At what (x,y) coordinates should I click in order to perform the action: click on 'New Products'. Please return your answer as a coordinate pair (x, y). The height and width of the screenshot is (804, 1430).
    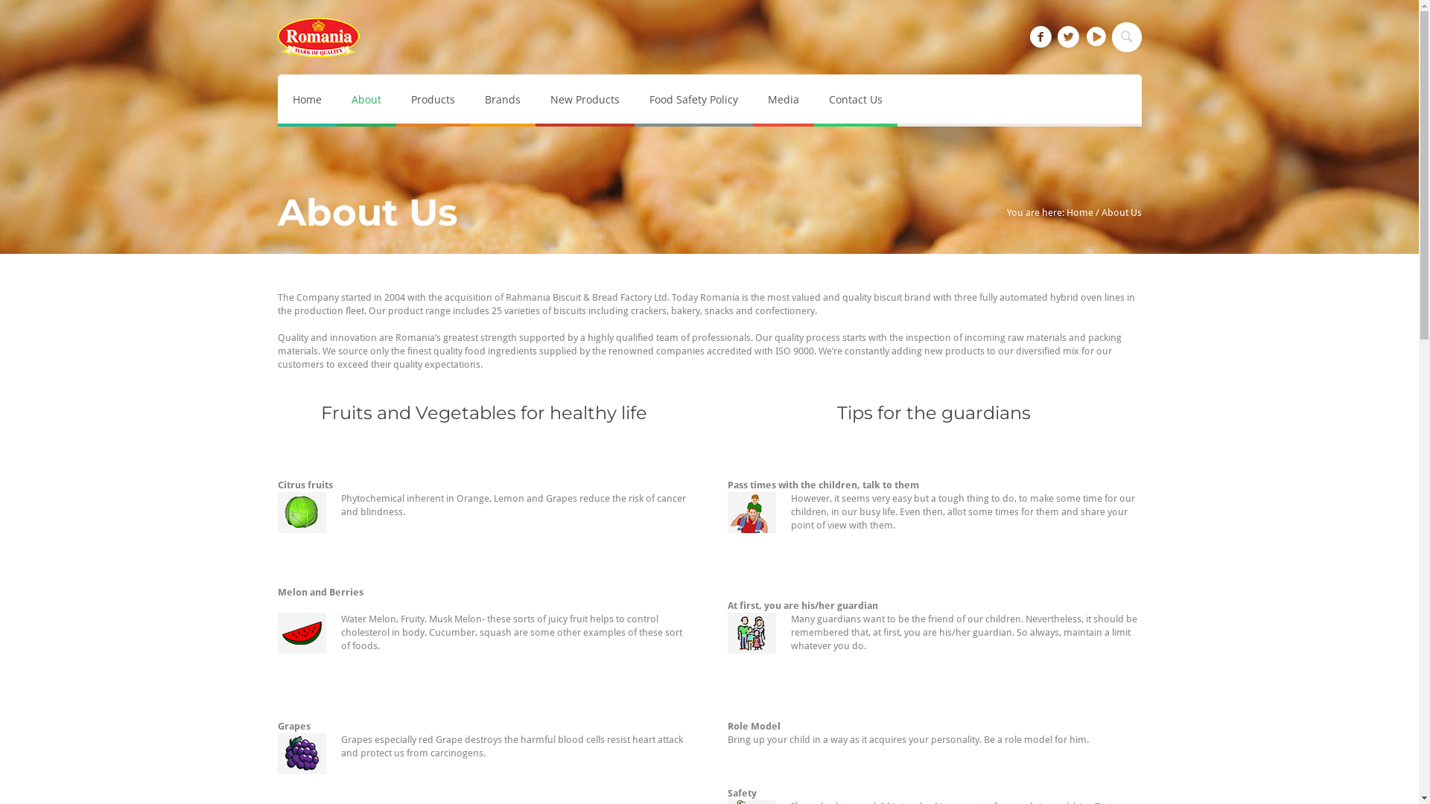
    Looking at the image, I should click on (583, 100).